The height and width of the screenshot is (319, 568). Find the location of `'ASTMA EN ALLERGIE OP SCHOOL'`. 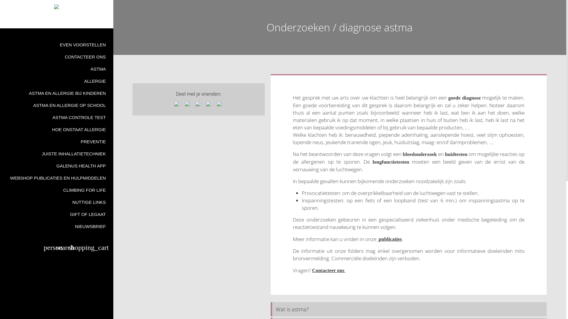

'ASTMA EN ALLERGIE OP SCHOOL' is located at coordinates (57, 105).